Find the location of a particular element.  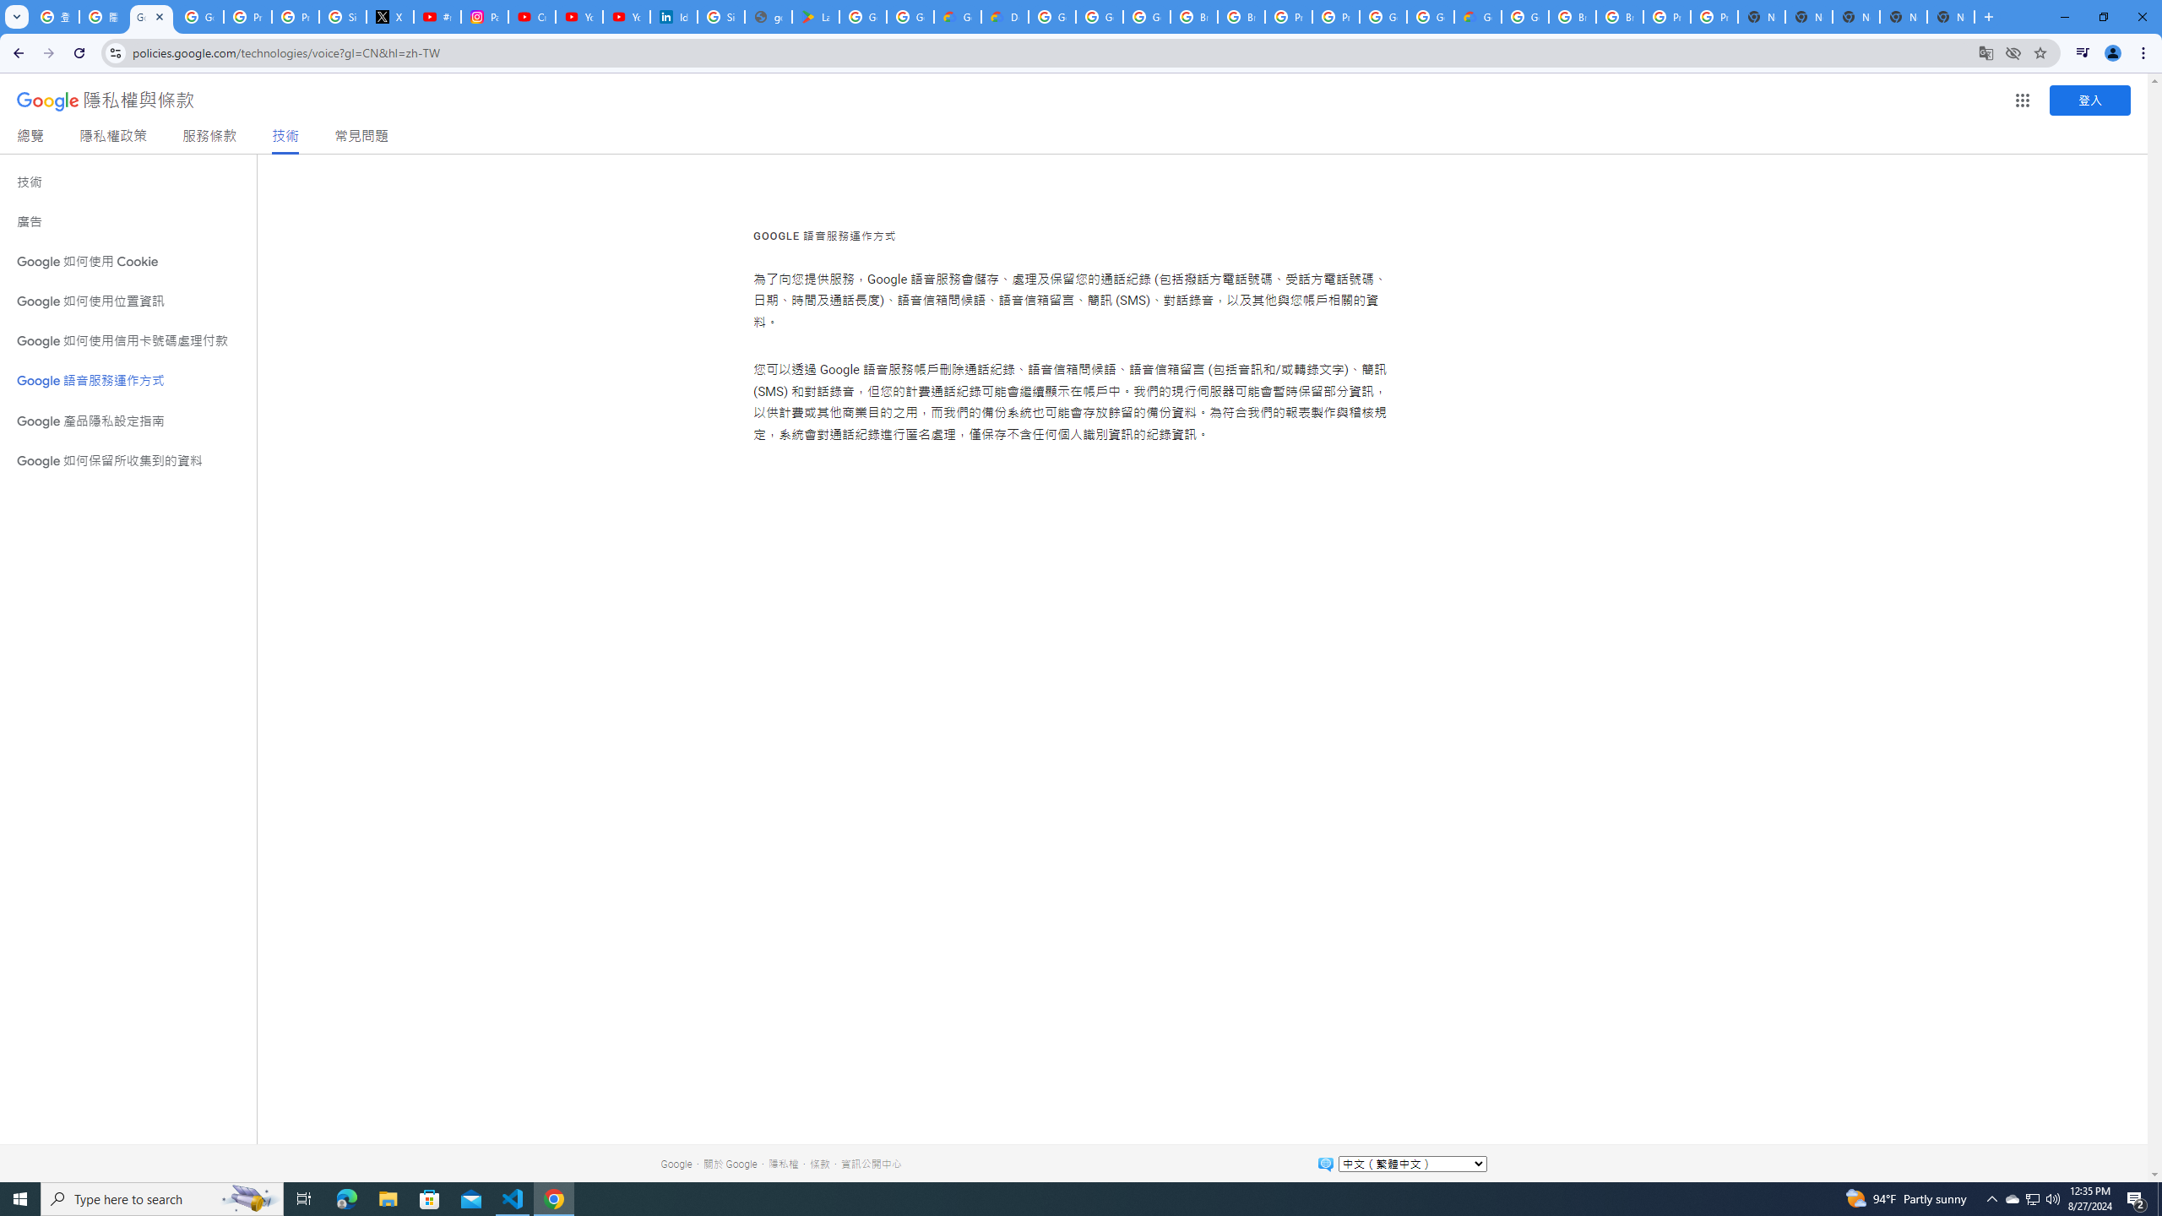

'New Tab' is located at coordinates (1951, 16).